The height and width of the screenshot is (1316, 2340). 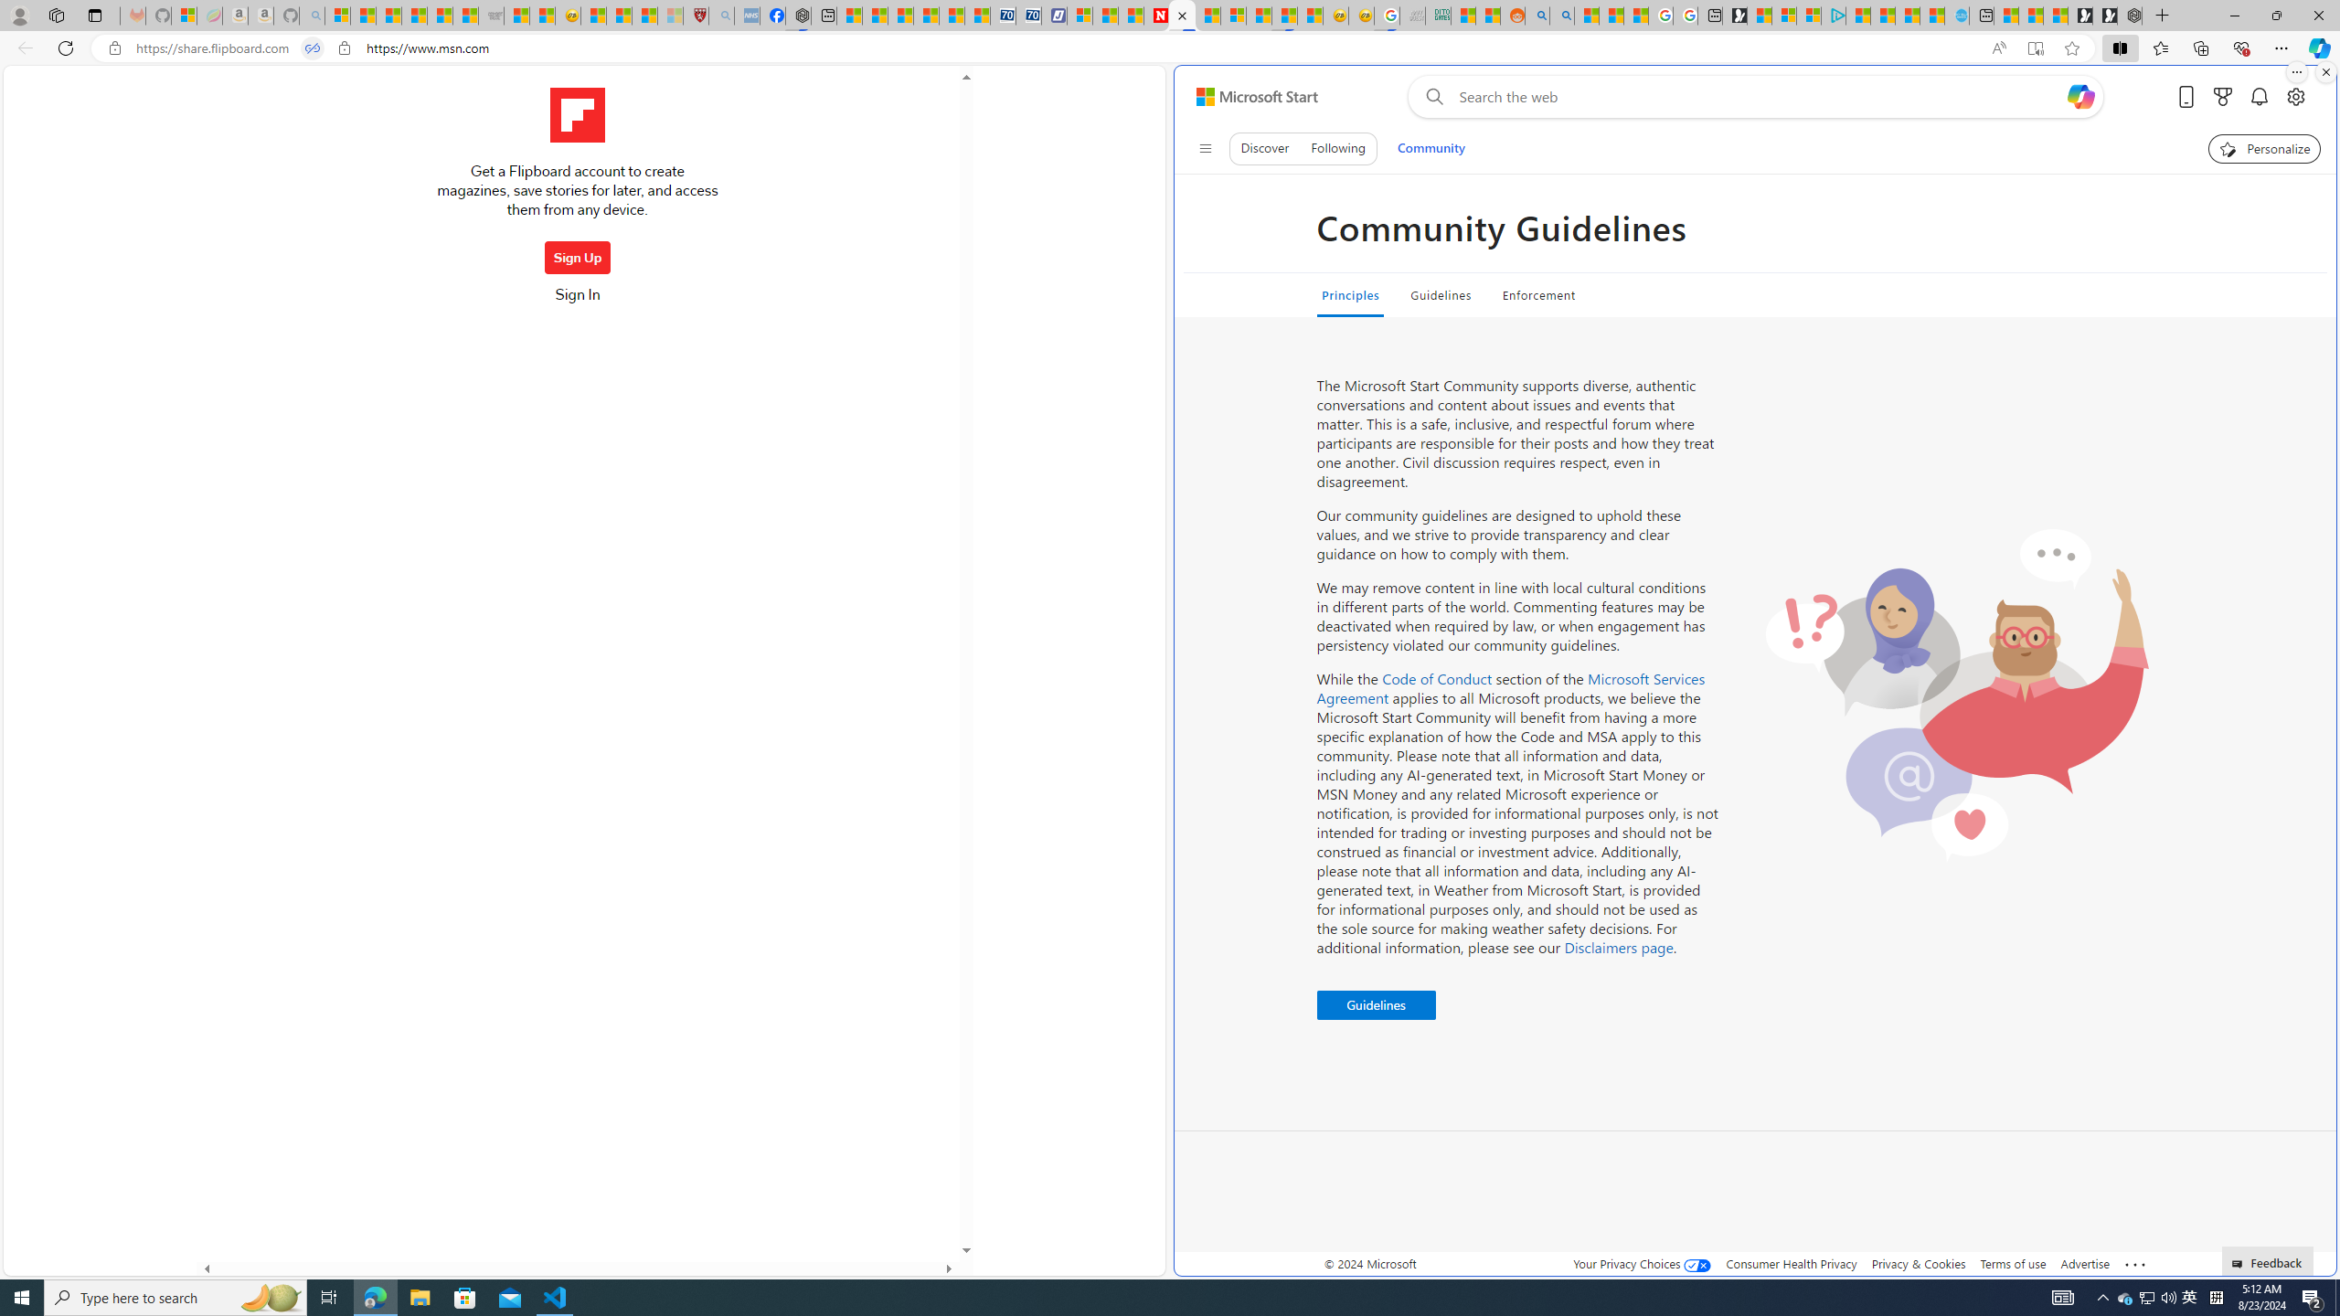 I want to click on 'Guidelines ', so click(x=1375, y=1004).